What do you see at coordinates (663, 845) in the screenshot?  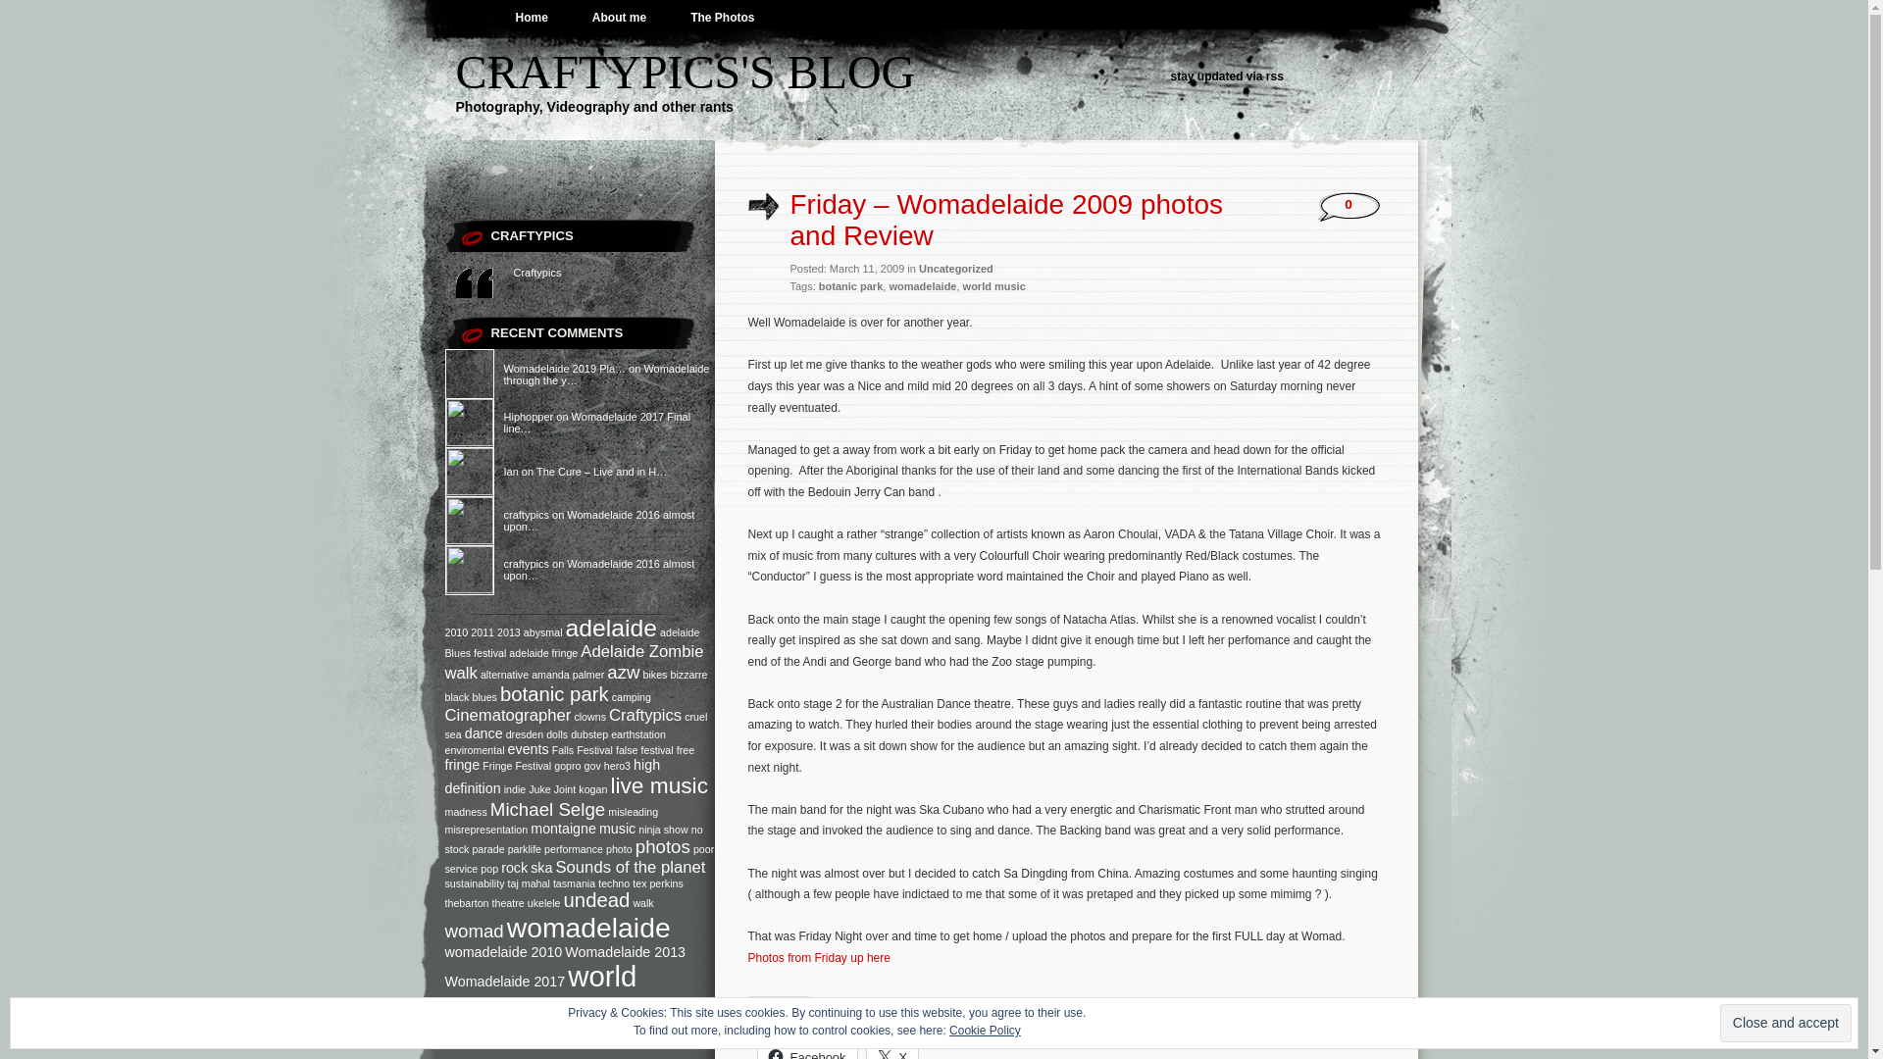 I see `'photos'` at bounding box center [663, 845].